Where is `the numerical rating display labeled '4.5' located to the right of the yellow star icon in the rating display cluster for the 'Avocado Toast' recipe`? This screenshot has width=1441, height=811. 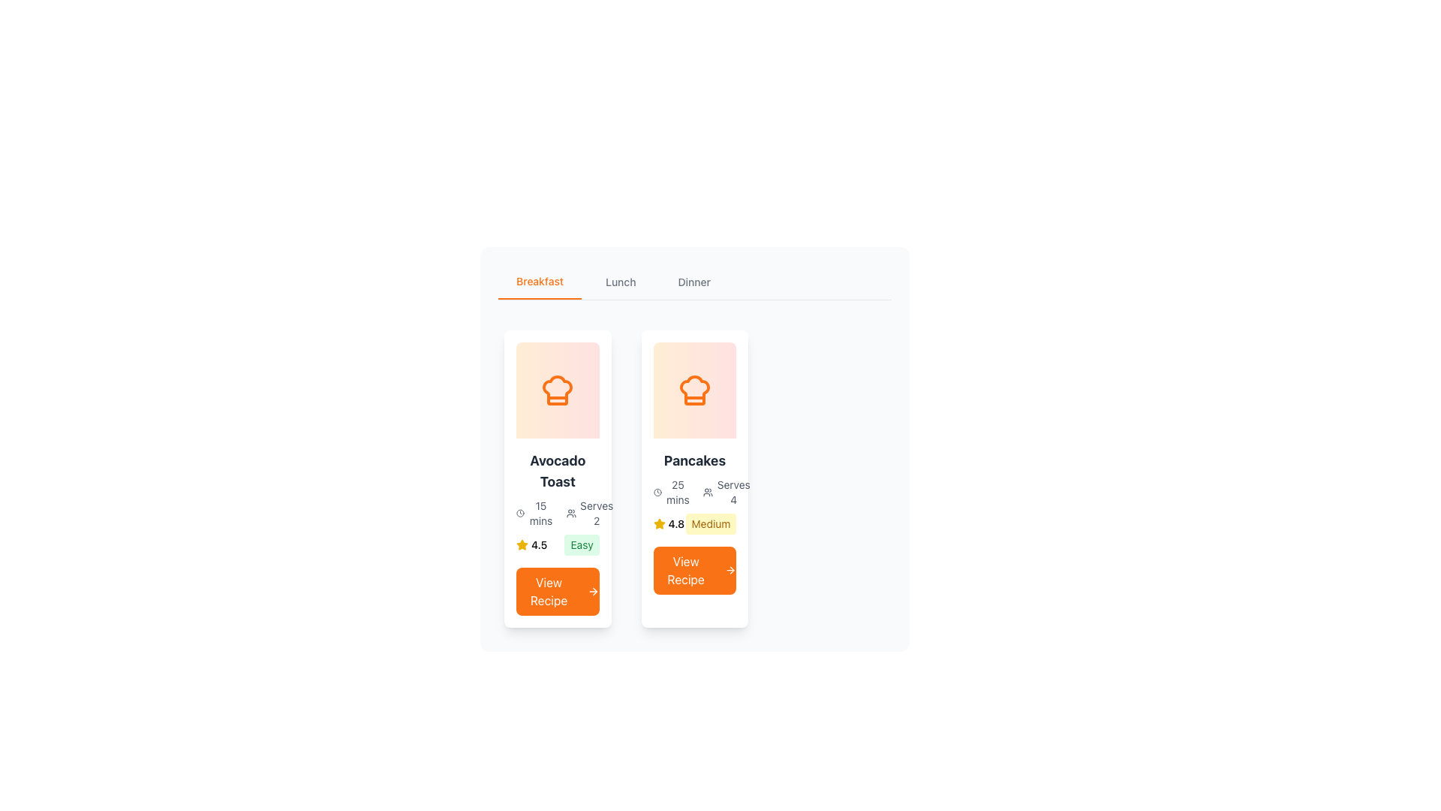
the numerical rating display labeled '4.5' located to the right of the yellow star icon in the rating display cluster for the 'Avocado Toast' recipe is located at coordinates (539, 544).